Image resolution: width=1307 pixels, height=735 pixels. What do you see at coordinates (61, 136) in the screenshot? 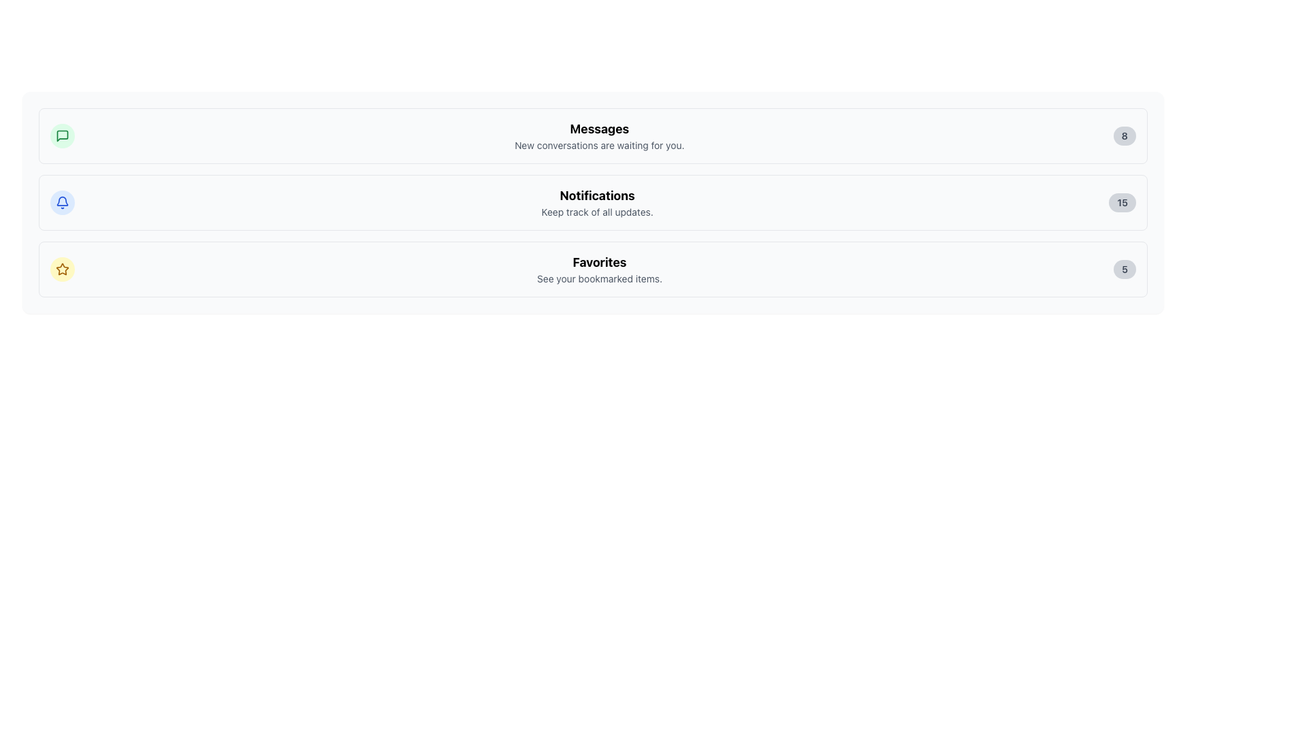
I see `the 'Messages' icon located at the left side of the 'Messages' row in the vertical menu` at bounding box center [61, 136].